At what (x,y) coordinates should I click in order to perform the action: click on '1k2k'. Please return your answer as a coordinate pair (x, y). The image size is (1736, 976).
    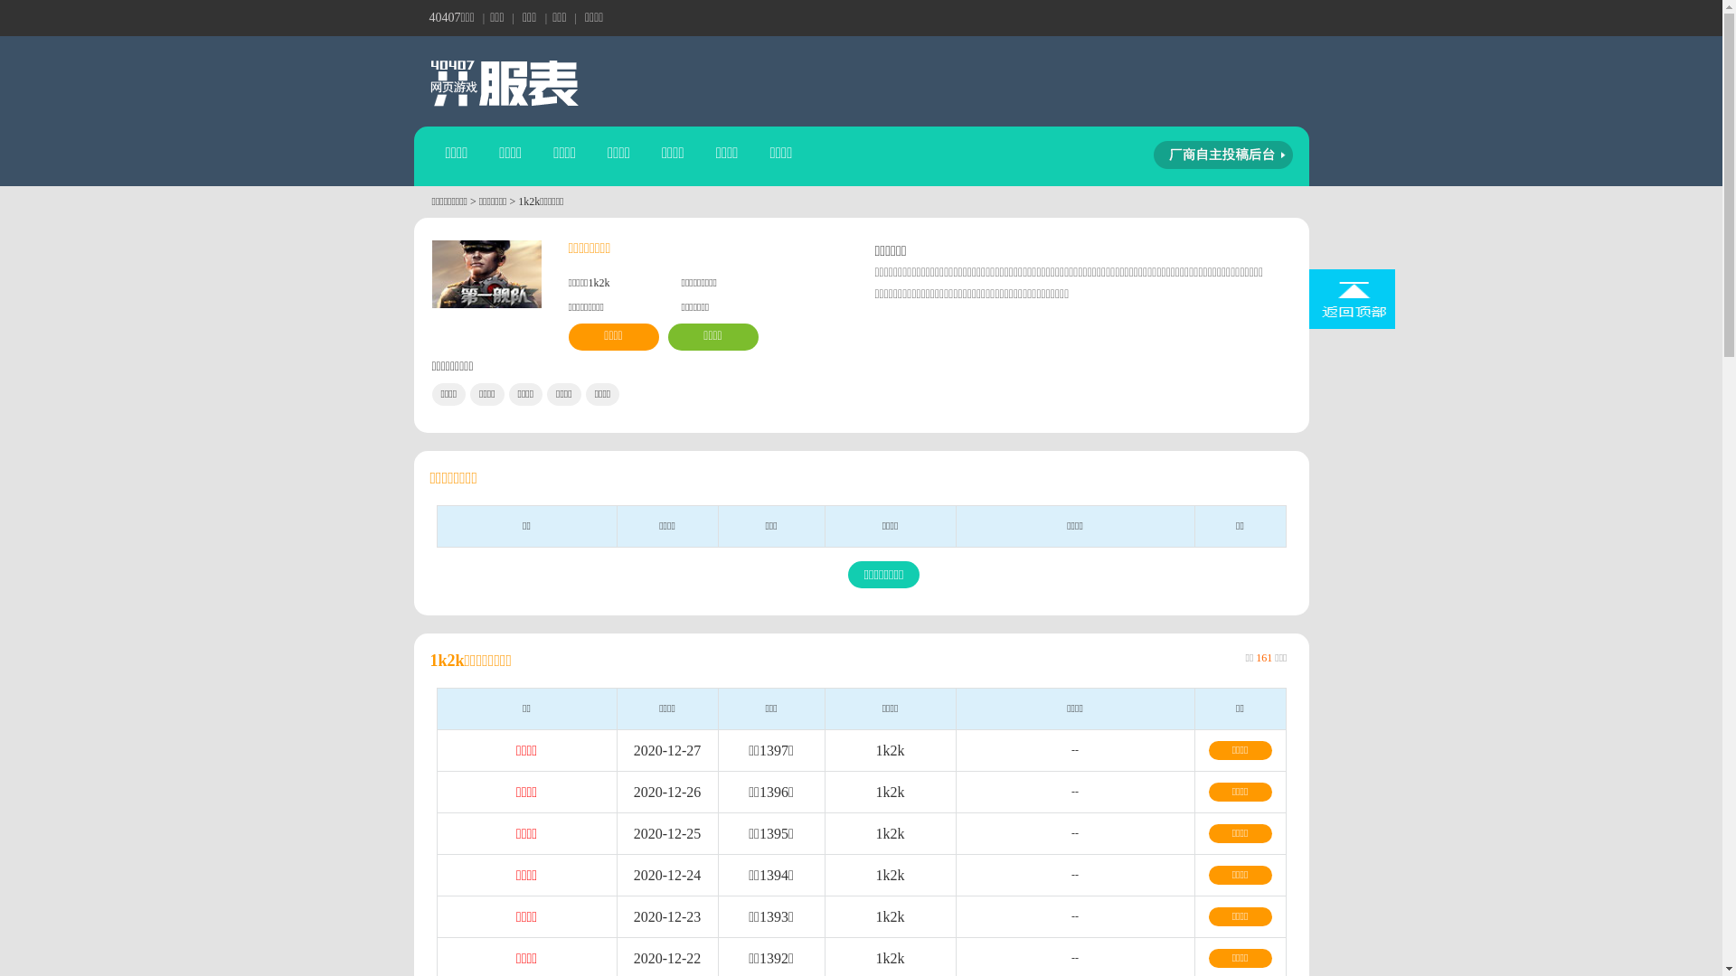
    Looking at the image, I should click on (875, 957).